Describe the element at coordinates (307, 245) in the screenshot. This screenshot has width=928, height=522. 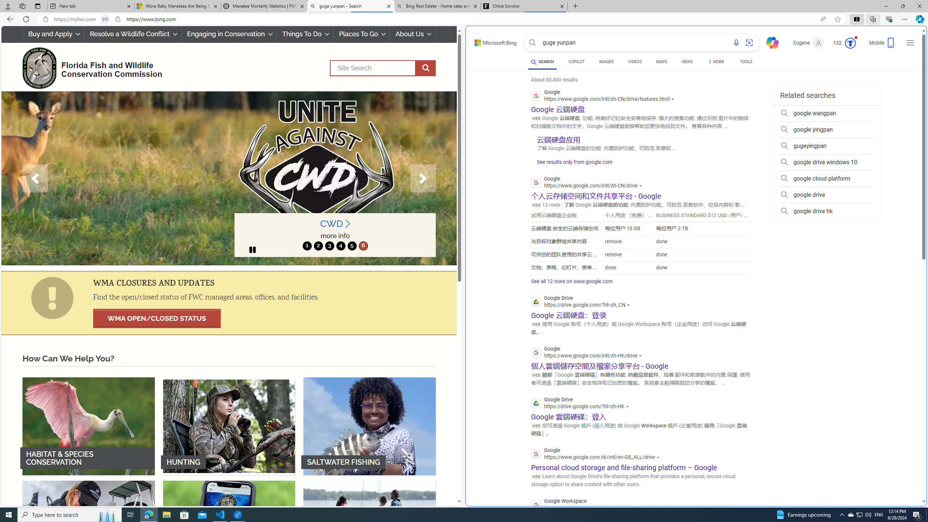
I see `'1'` at that location.